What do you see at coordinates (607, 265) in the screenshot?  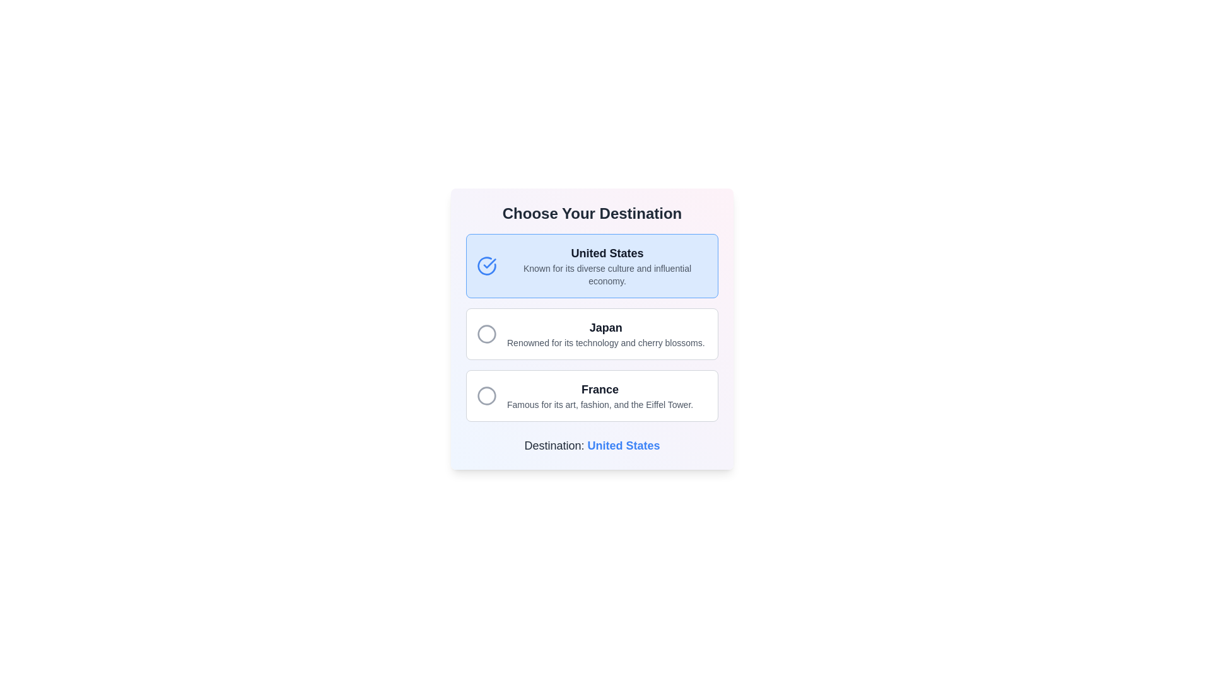 I see `the first selectable list item for 'United States' in the 'Choose Your Destination' section` at bounding box center [607, 265].